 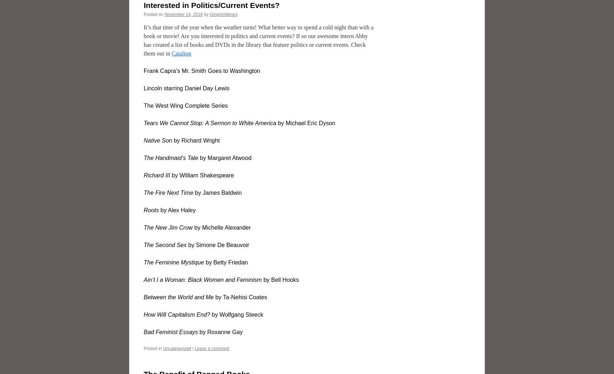 I want to click on 'The West Wing Complete Series', so click(x=185, y=105).